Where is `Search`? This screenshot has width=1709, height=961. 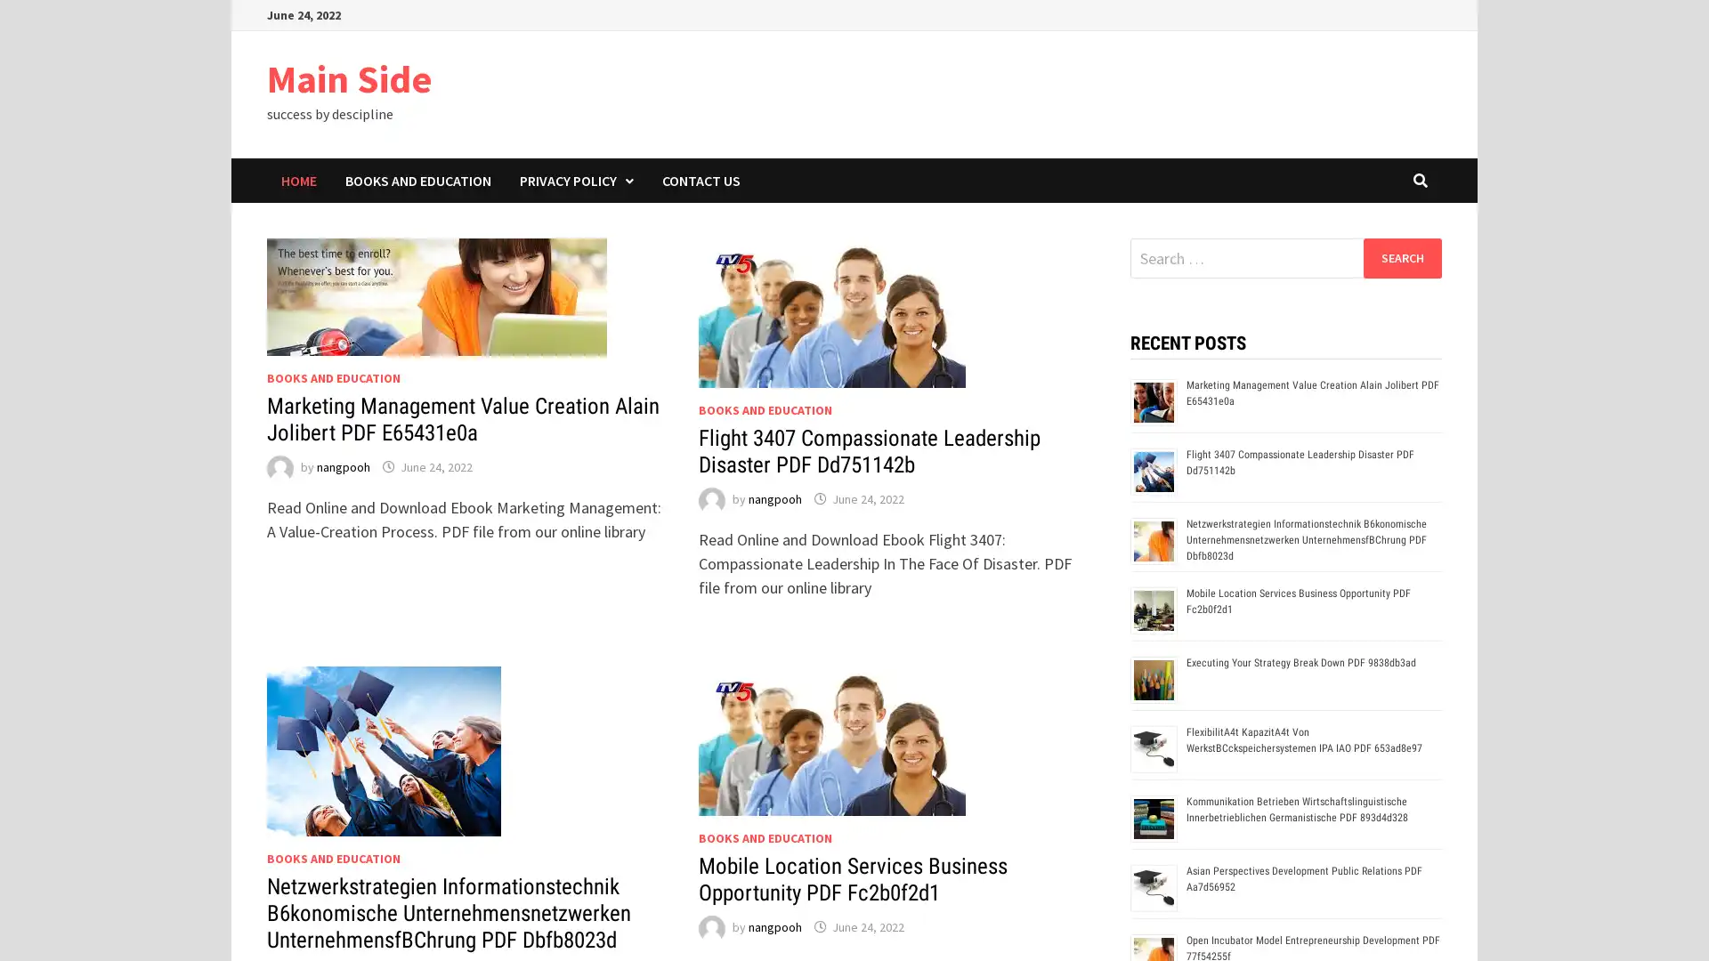 Search is located at coordinates (1401, 257).